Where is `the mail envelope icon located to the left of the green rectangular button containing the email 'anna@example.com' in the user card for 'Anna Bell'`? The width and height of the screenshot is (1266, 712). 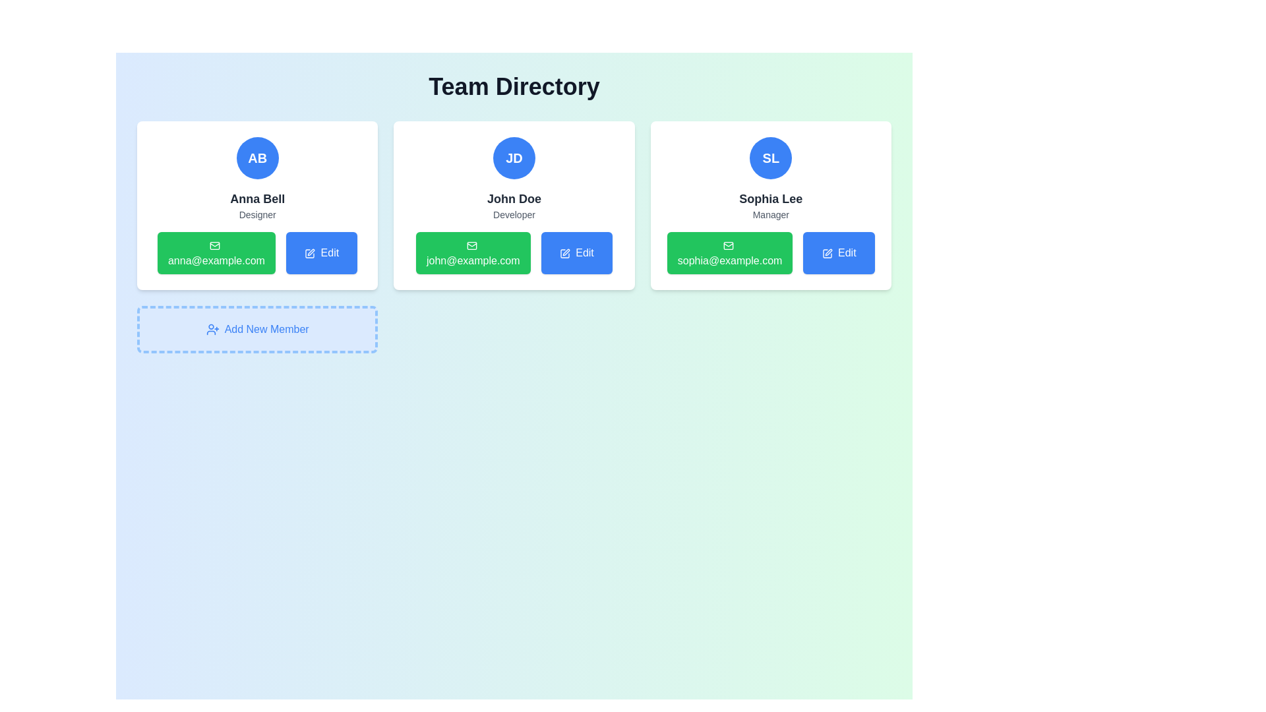
the mail envelope icon located to the left of the green rectangular button containing the email 'anna@example.com' in the user card for 'Anna Bell' is located at coordinates (215, 245).